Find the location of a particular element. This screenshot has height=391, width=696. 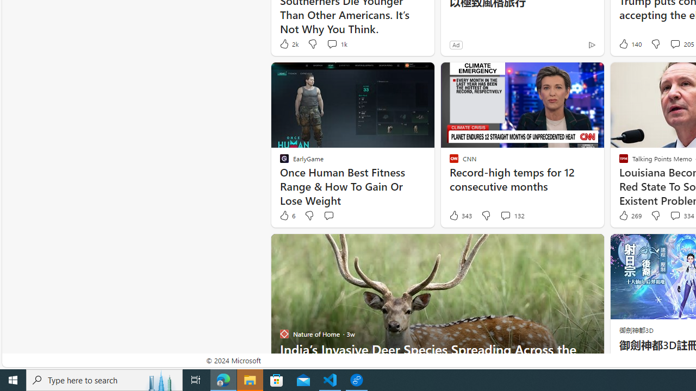

'140 Like' is located at coordinates (629, 43).